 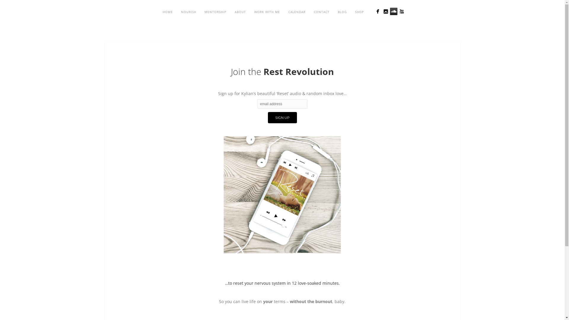 I want to click on 'Find KYLIAN on Facebook', so click(x=377, y=11).